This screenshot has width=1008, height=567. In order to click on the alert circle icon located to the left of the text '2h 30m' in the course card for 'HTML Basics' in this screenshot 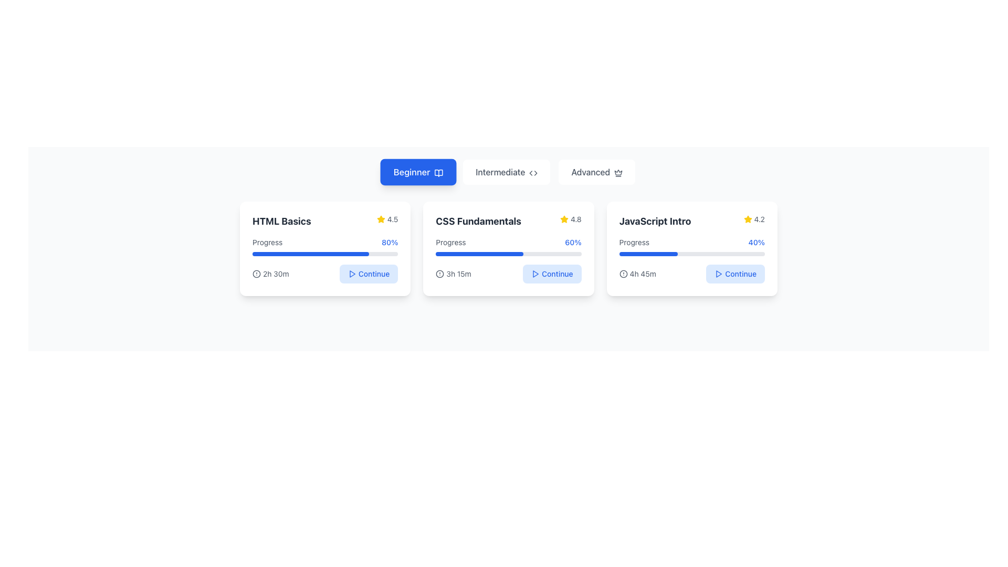, I will do `click(257, 273)`.